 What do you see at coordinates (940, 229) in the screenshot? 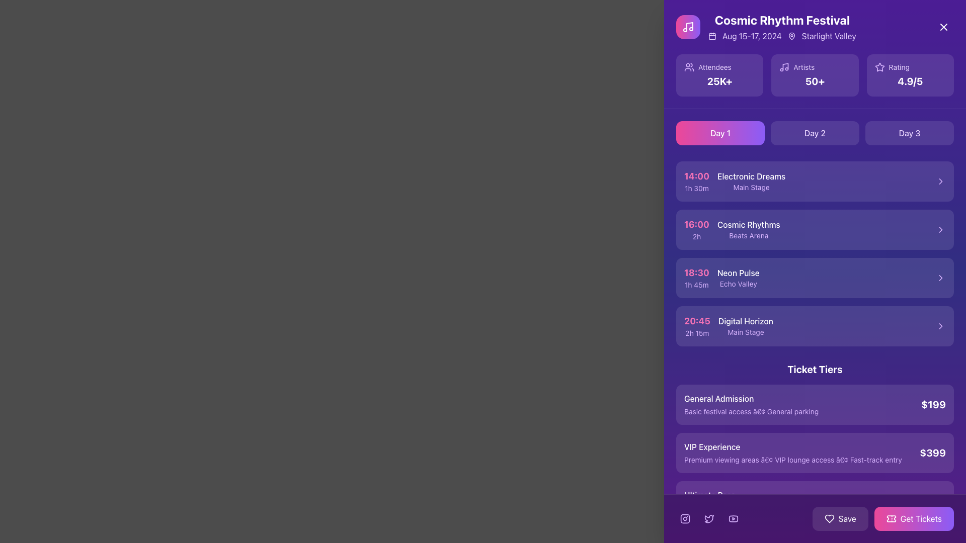
I see `the chevron icon located at the far-right side of the list item for the event '16:00 Cosmic Rhythms Beats Arena'` at bounding box center [940, 229].